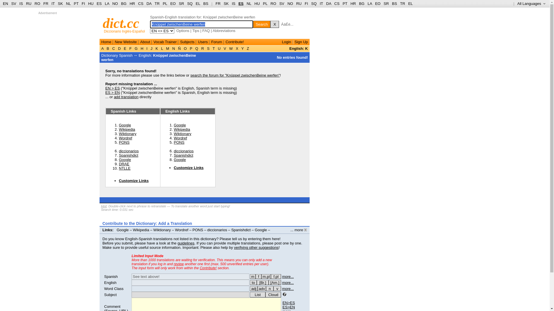 This screenshot has height=311, width=554. Describe the element at coordinates (141, 3) in the screenshot. I see `'CS'` at that location.